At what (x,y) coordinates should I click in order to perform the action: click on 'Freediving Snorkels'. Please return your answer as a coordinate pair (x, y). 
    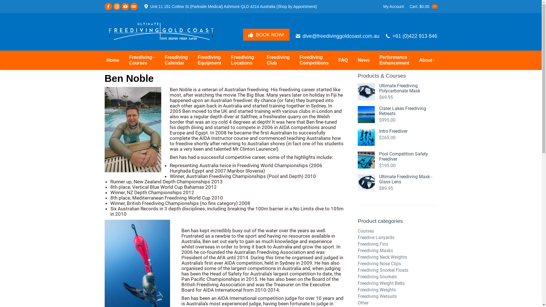
    Looking at the image, I should click on (377, 277).